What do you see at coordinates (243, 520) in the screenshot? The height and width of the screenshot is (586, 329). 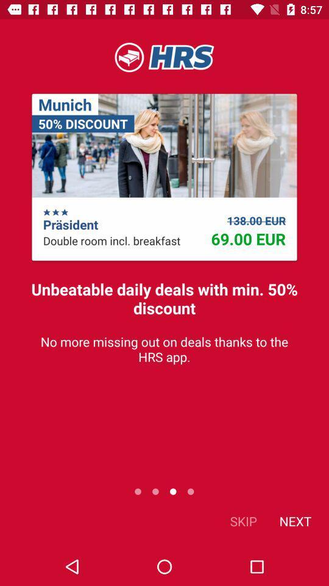 I see `item next to the next item` at bounding box center [243, 520].